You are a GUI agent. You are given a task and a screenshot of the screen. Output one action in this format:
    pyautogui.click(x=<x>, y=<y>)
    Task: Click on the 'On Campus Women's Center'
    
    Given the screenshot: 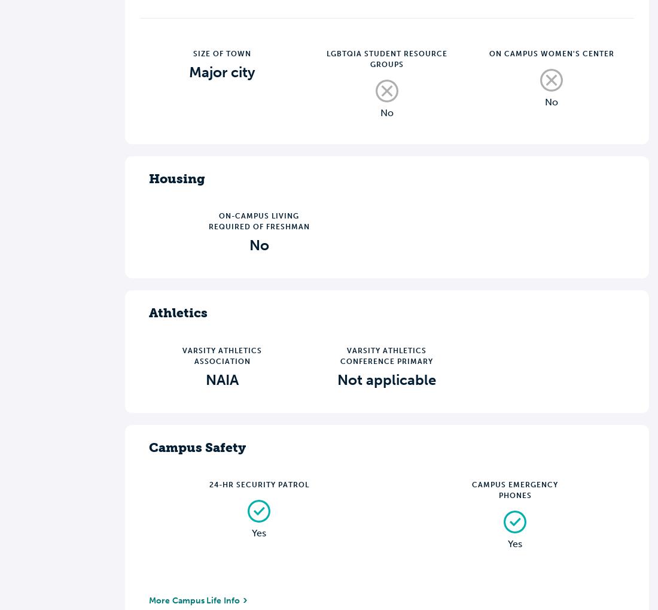 What is the action you would take?
    pyautogui.click(x=488, y=53)
    